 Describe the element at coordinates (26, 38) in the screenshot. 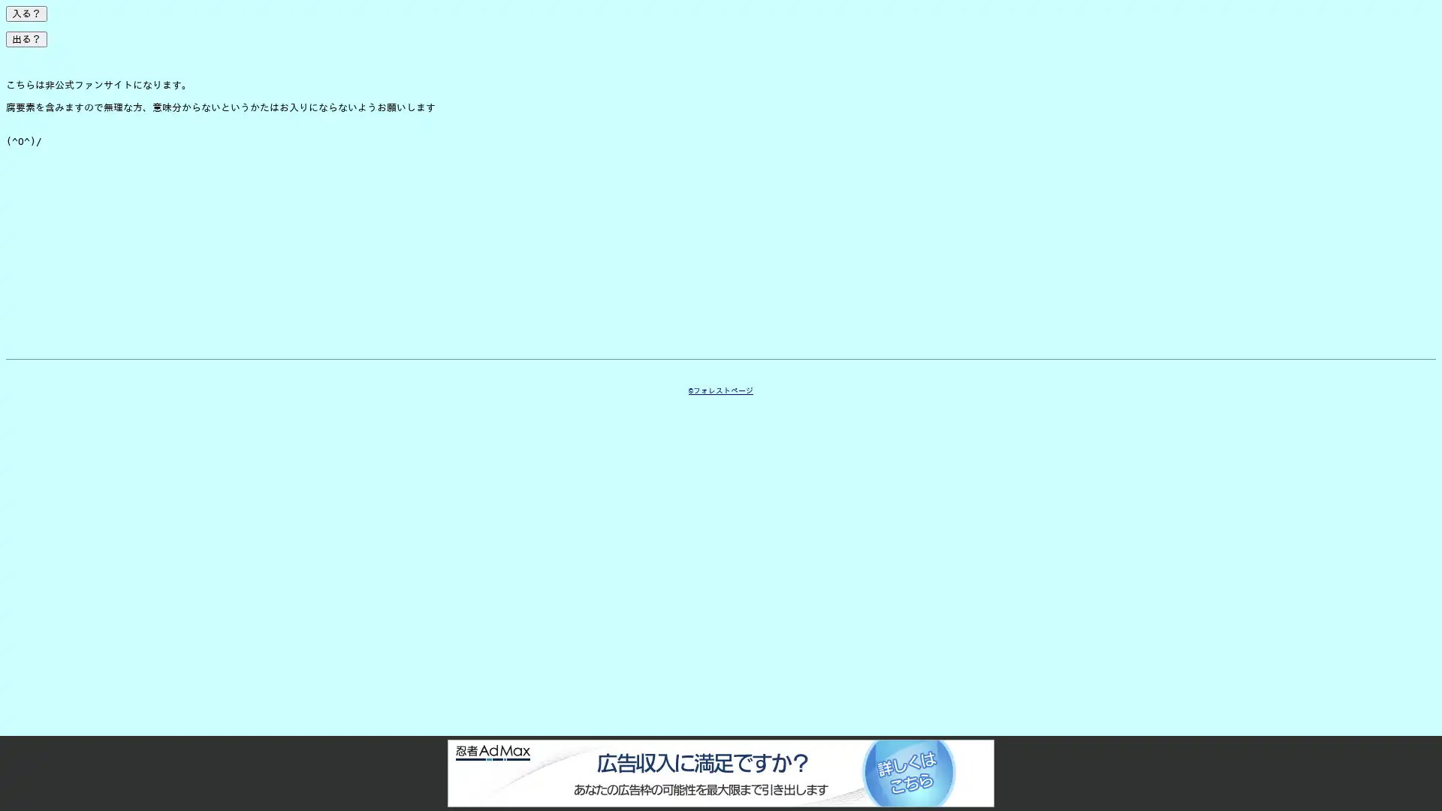

I see `?` at that location.